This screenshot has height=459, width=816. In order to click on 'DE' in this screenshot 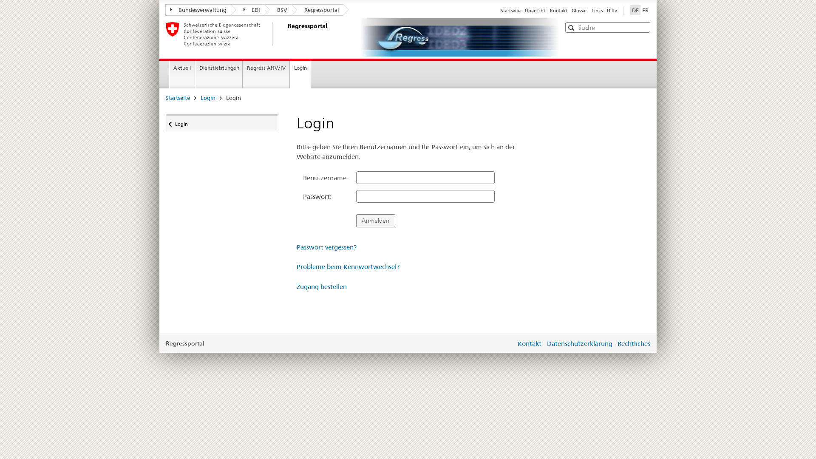, I will do `click(630, 10)`.